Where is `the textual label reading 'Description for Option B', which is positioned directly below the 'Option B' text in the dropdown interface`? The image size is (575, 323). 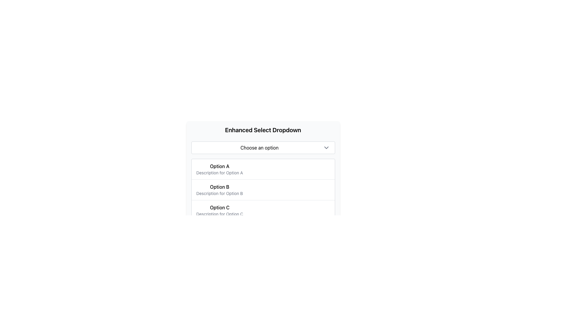 the textual label reading 'Description for Option B', which is positioned directly below the 'Option B' text in the dropdown interface is located at coordinates (219, 194).